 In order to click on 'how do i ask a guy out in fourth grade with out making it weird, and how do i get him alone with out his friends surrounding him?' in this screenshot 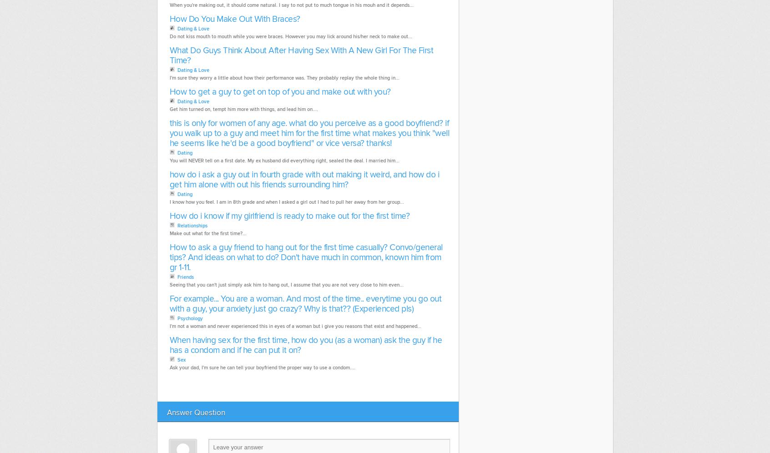, I will do `click(304, 179)`.